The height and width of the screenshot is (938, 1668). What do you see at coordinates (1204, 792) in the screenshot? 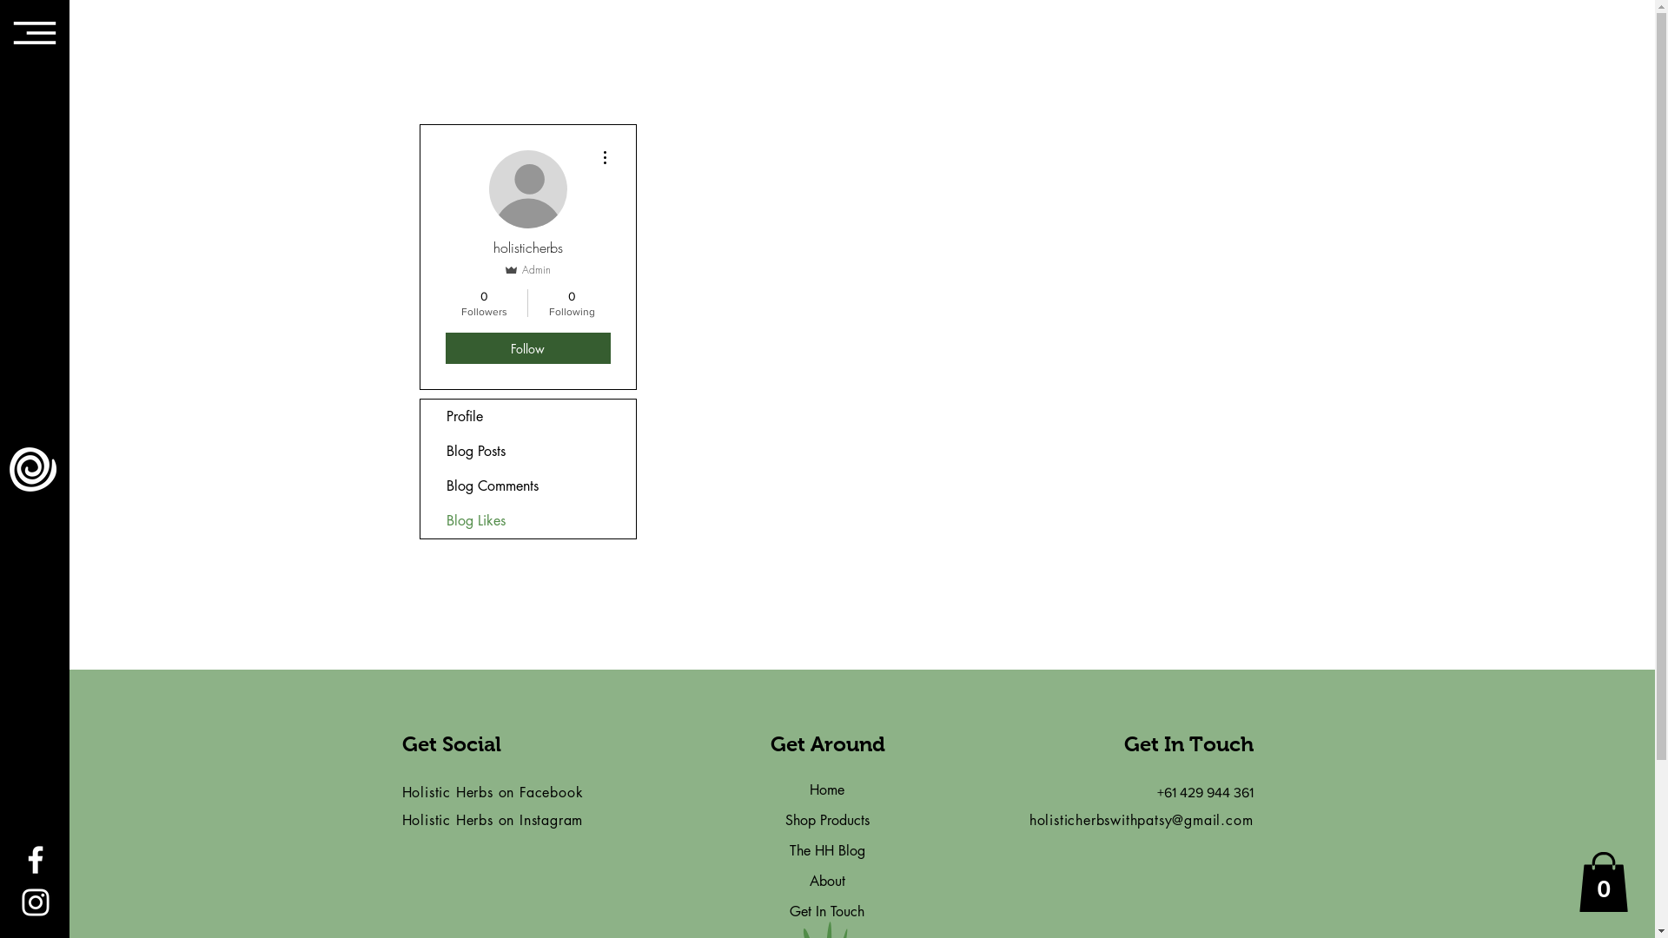
I see `'+61 429 944 361'` at bounding box center [1204, 792].